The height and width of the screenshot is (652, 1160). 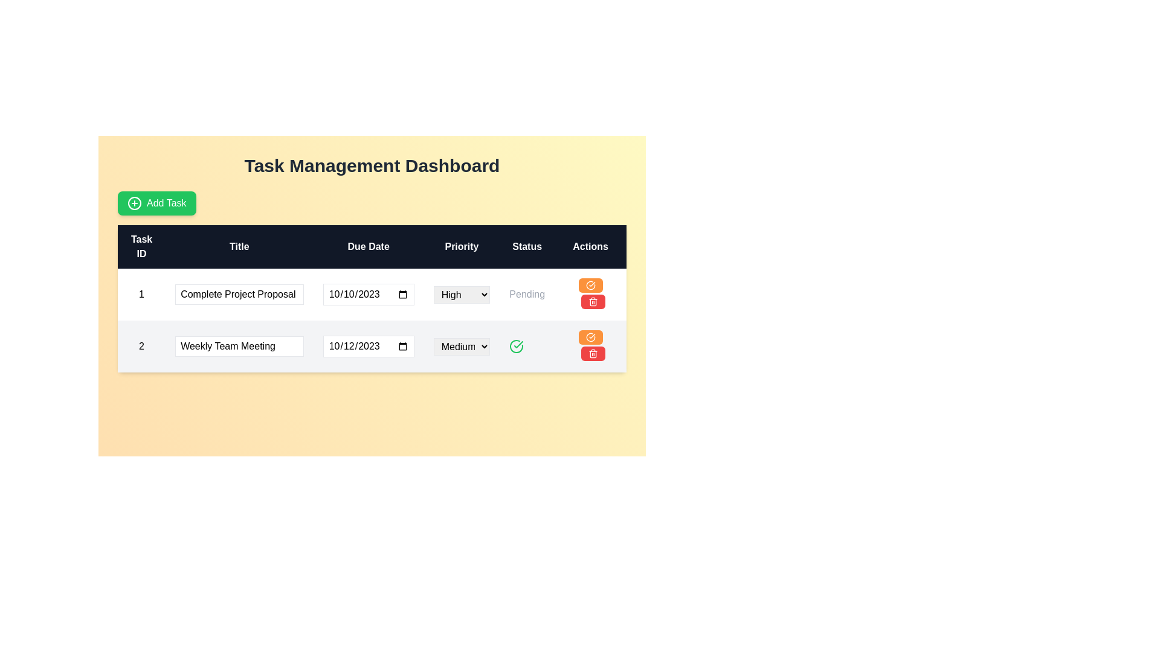 I want to click on text into the input field for the task titled 'Weekly Team Meeting', located in the second row of the task table under the 'Title' column, so click(x=239, y=347).